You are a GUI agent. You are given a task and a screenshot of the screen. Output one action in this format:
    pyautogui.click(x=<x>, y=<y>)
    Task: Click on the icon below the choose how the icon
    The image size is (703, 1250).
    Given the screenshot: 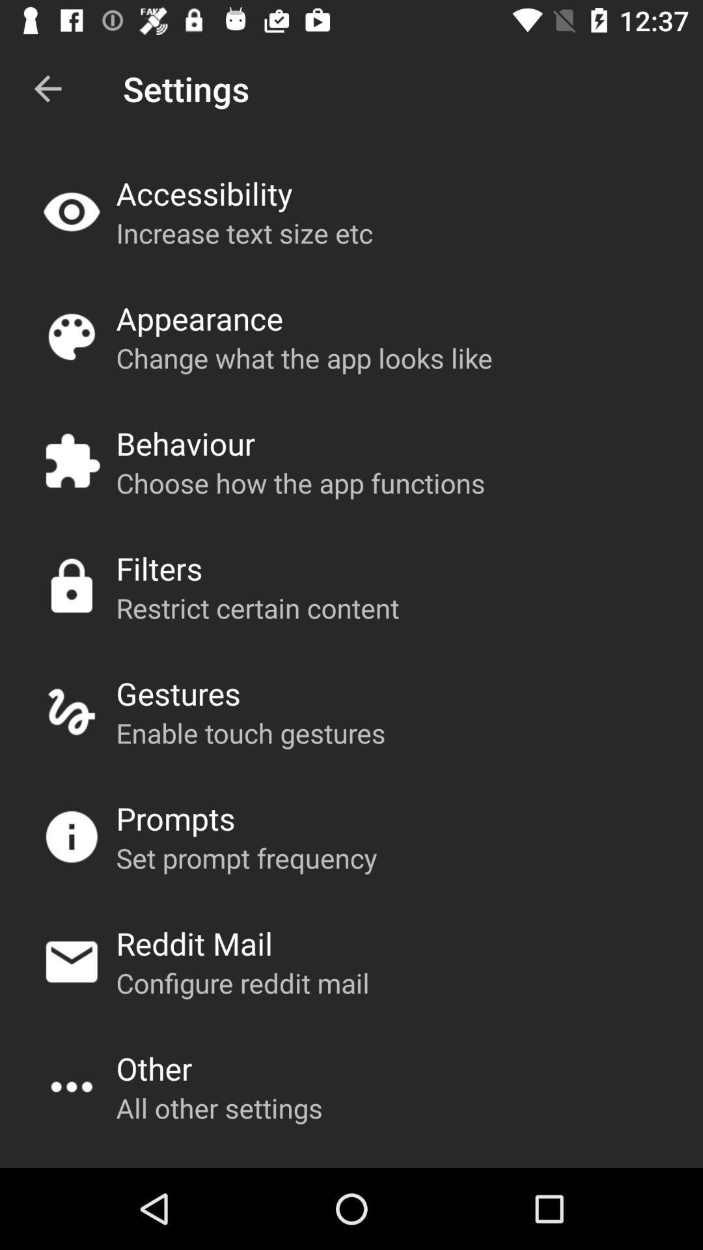 What is the action you would take?
    pyautogui.click(x=158, y=568)
    